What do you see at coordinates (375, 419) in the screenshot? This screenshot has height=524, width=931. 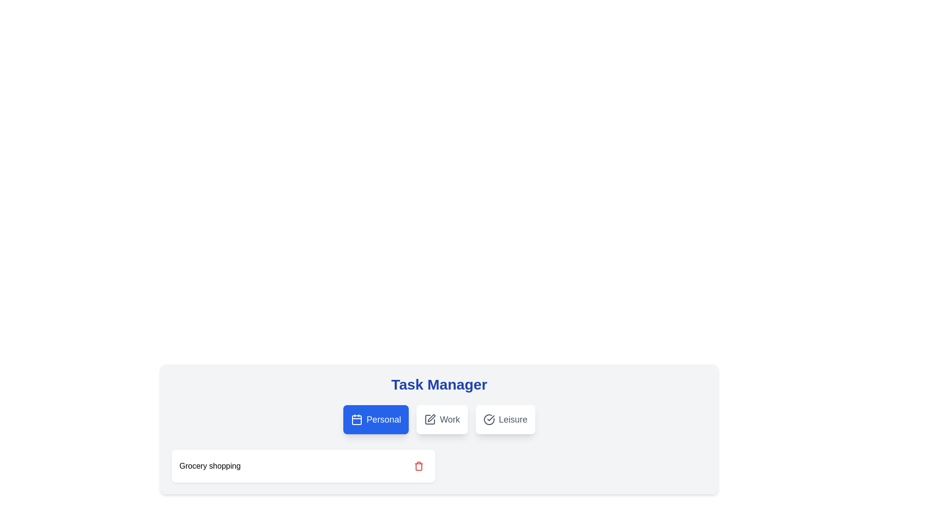 I see `the 'Personal' button, which has a vivid blue background and white text, located below the 'Task Manager' heading and to the left of the 'Work' button` at bounding box center [375, 419].